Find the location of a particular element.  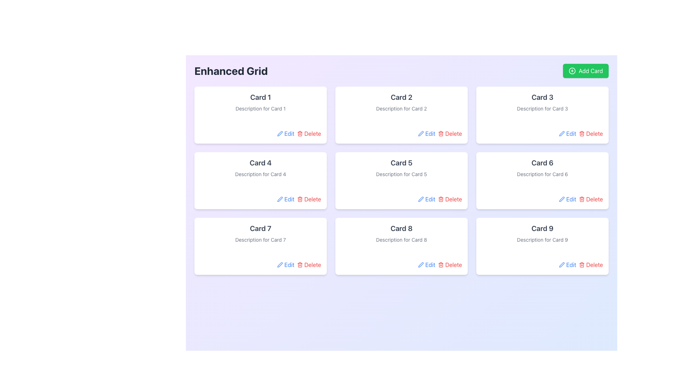

the delete button located in the first column of the second row under the 'Edit' button in 'Card 4' is located at coordinates (309, 199).